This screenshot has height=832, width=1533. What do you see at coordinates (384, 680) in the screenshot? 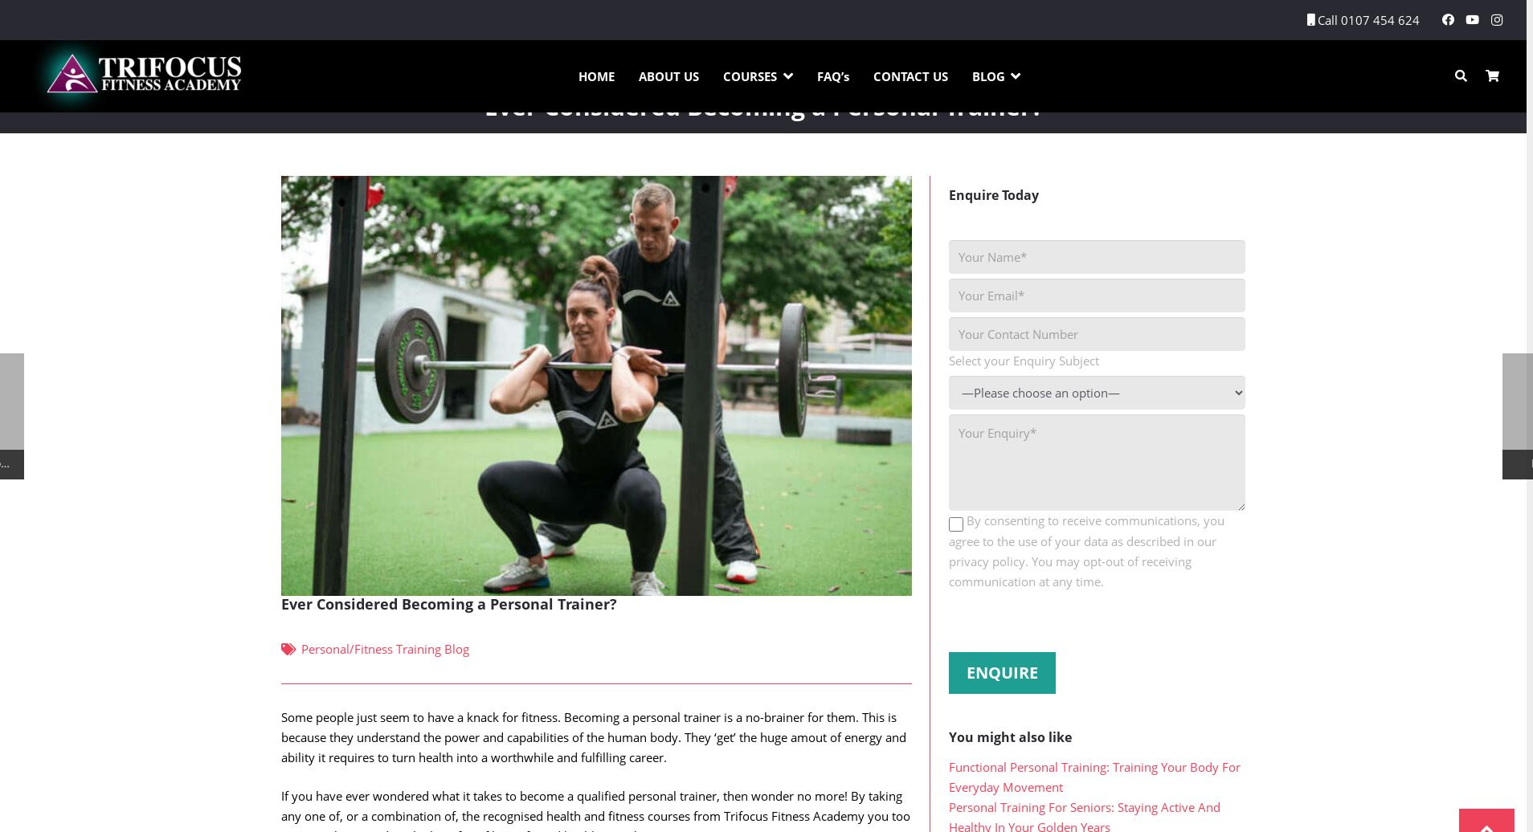
I see `'Personal/Fitness Training Blog'` at bounding box center [384, 680].